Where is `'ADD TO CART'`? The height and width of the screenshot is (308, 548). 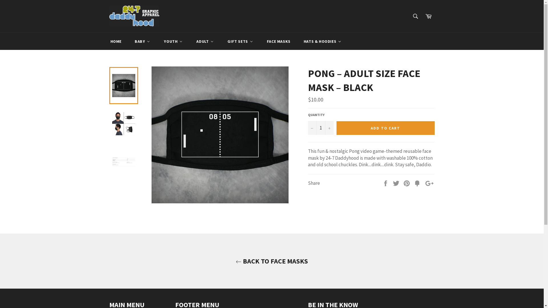 'ADD TO CART' is located at coordinates (385, 127).